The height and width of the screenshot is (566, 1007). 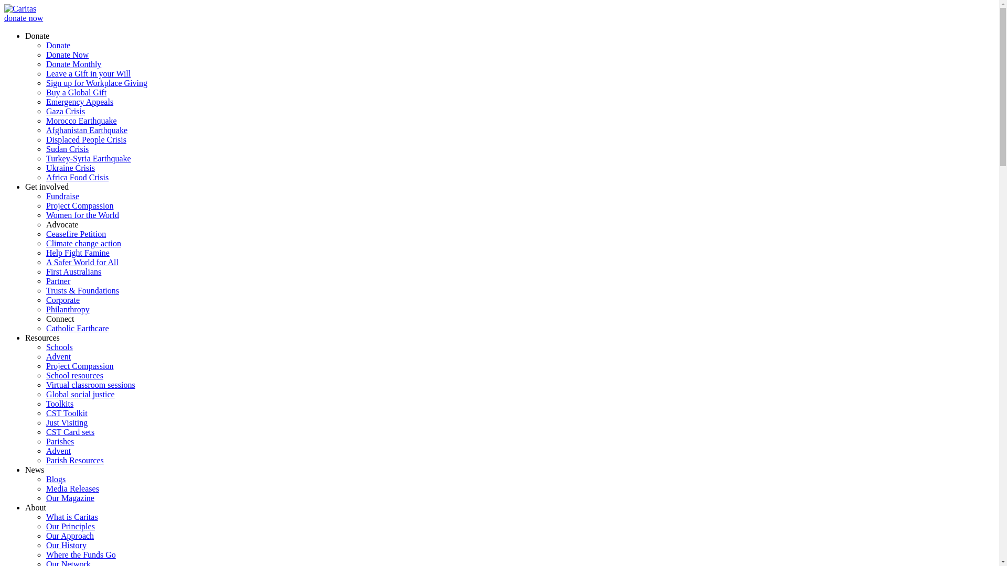 I want to click on 'Toolkits', so click(x=59, y=403).